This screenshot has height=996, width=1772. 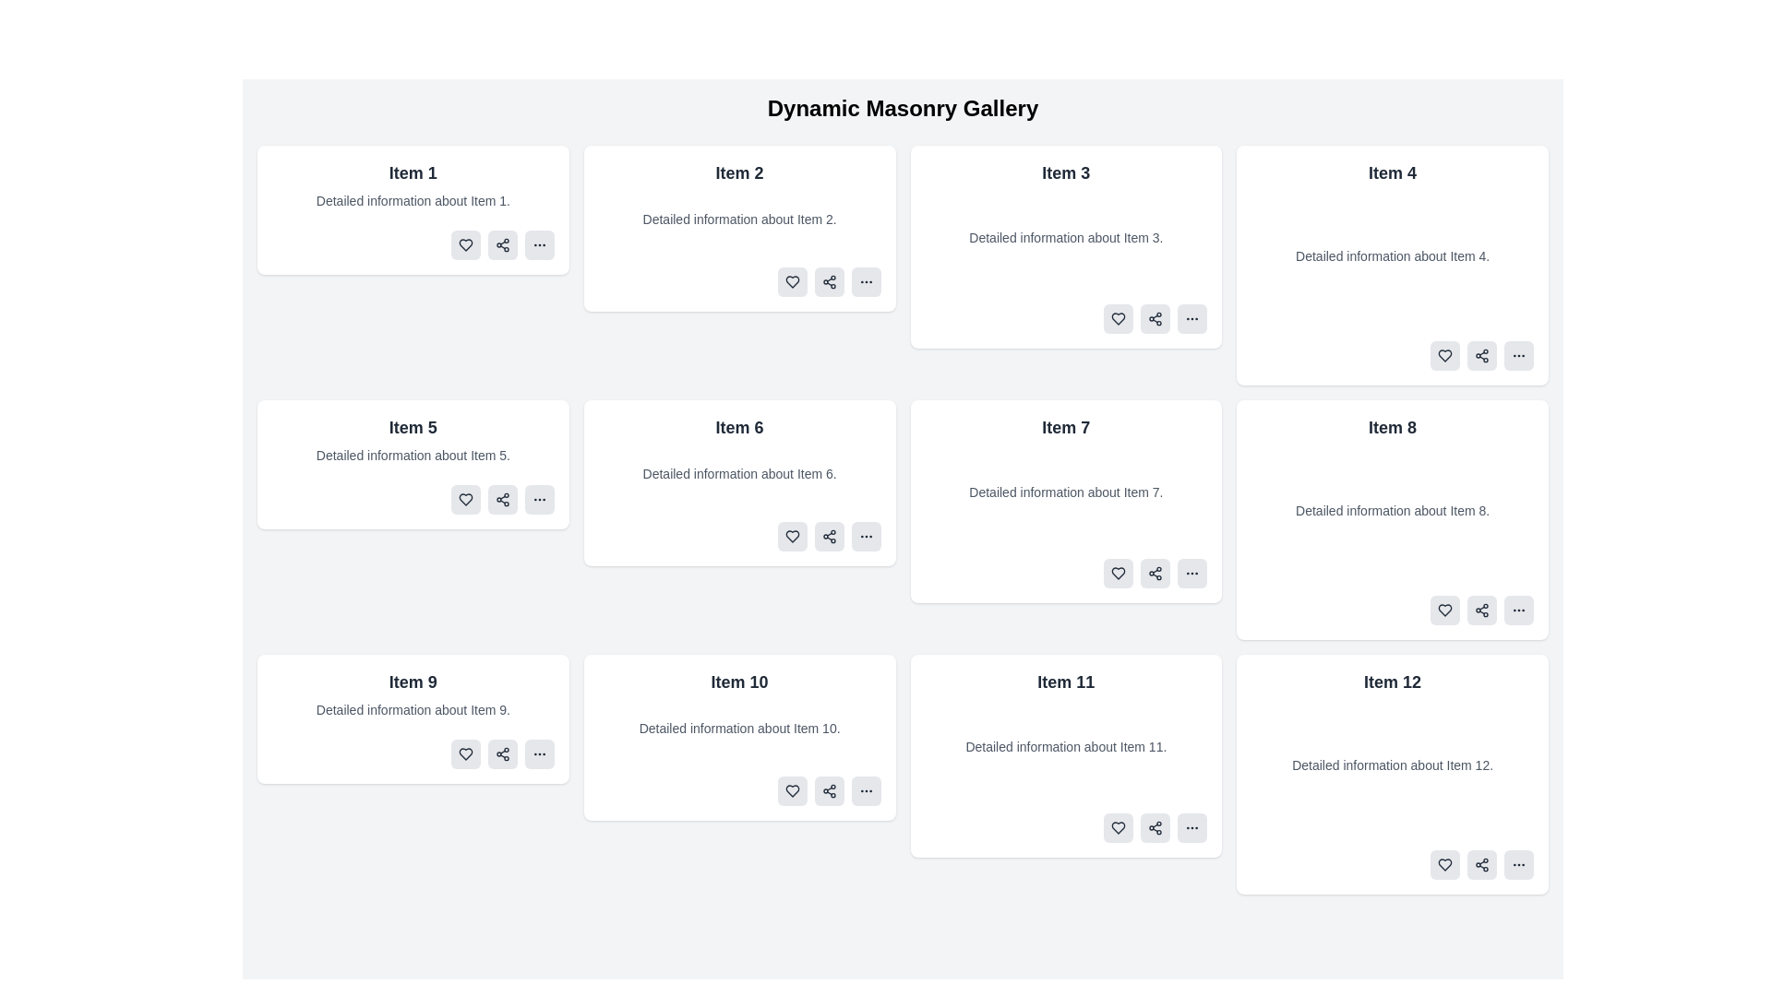 What do you see at coordinates (865, 281) in the screenshot?
I see `the ellipsis icon, which consists of three small circles aligned horizontally, located beneath the 'Item 2' card in the gallery layout` at bounding box center [865, 281].